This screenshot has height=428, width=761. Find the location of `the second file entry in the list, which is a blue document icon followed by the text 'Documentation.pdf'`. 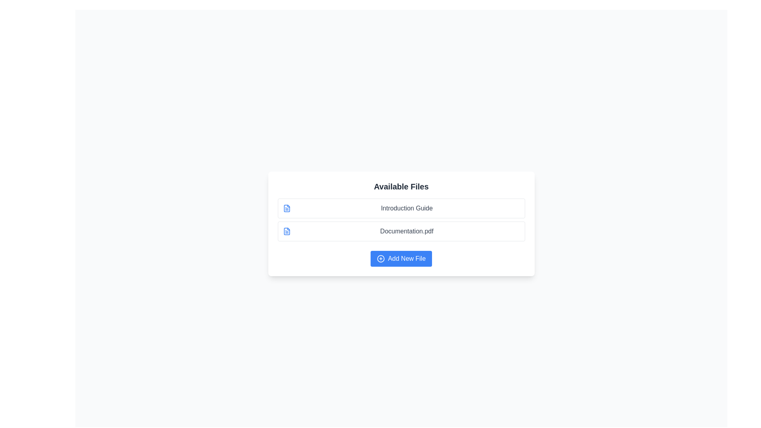

the second file entry in the list, which is a blue document icon followed by the text 'Documentation.pdf' is located at coordinates (401, 231).